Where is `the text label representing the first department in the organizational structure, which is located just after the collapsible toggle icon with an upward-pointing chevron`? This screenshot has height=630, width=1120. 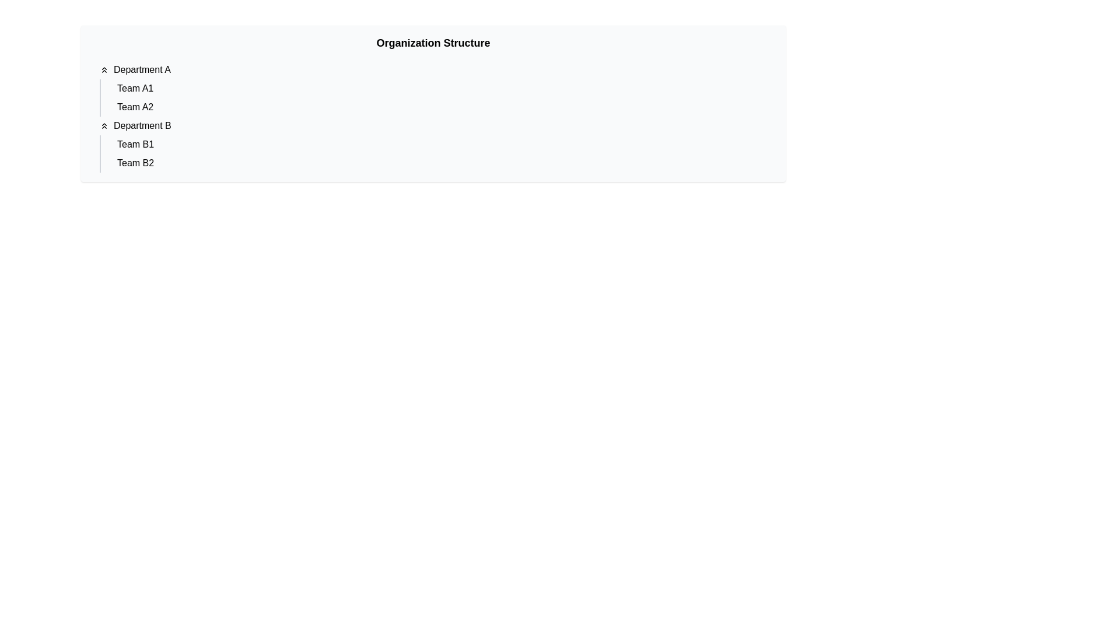
the text label representing the first department in the organizational structure, which is located just after the collapsible toggle icon with an upward-pointing chevron is located at coordinates (141, 69).